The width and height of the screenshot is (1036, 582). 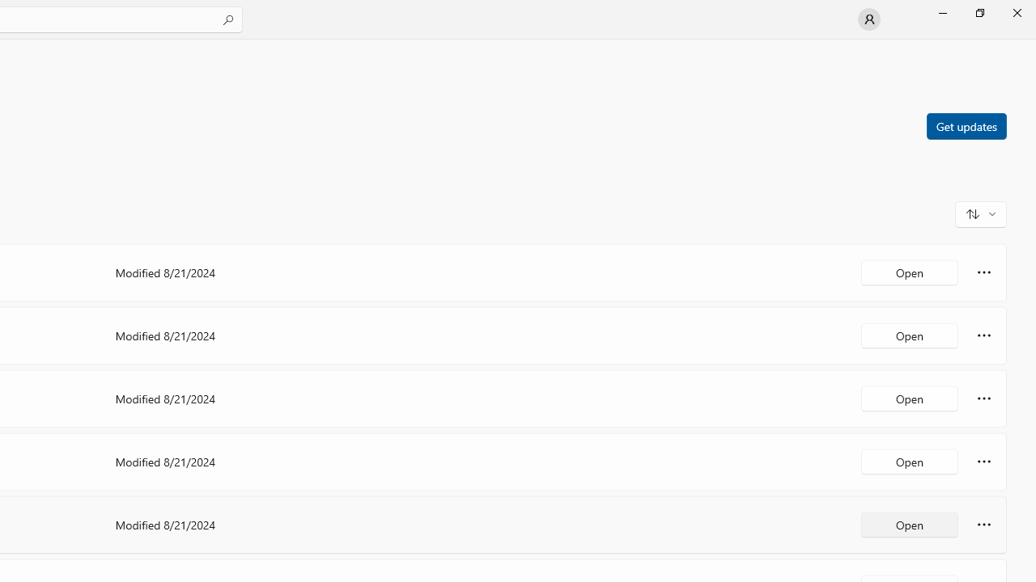 What do you see at coordinates (966, 124) in the screenshot?
I see `'Get updates'` at bounding box center [966, 124].